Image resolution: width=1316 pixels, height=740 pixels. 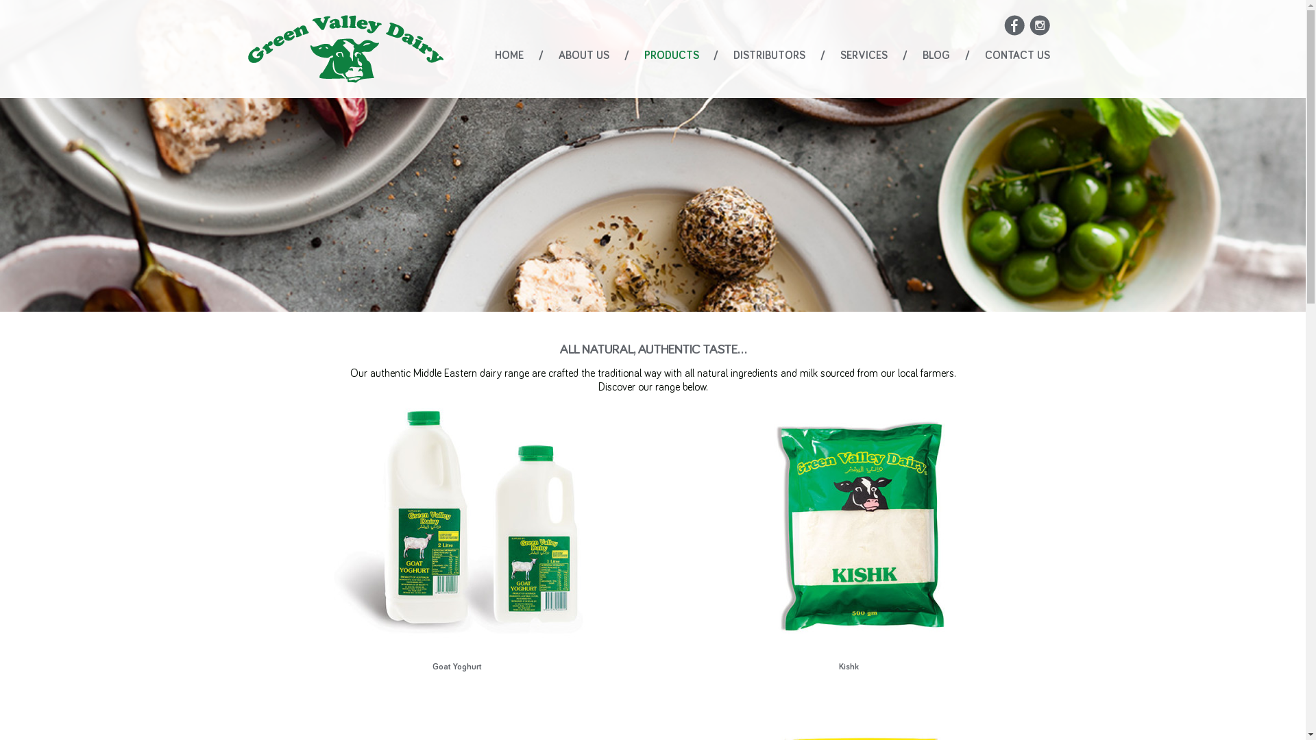 What do you see at coordinates (733, 55) in the screenshot?
I see `'DISTRIBUTORS'` at bounding box center [733, 55].